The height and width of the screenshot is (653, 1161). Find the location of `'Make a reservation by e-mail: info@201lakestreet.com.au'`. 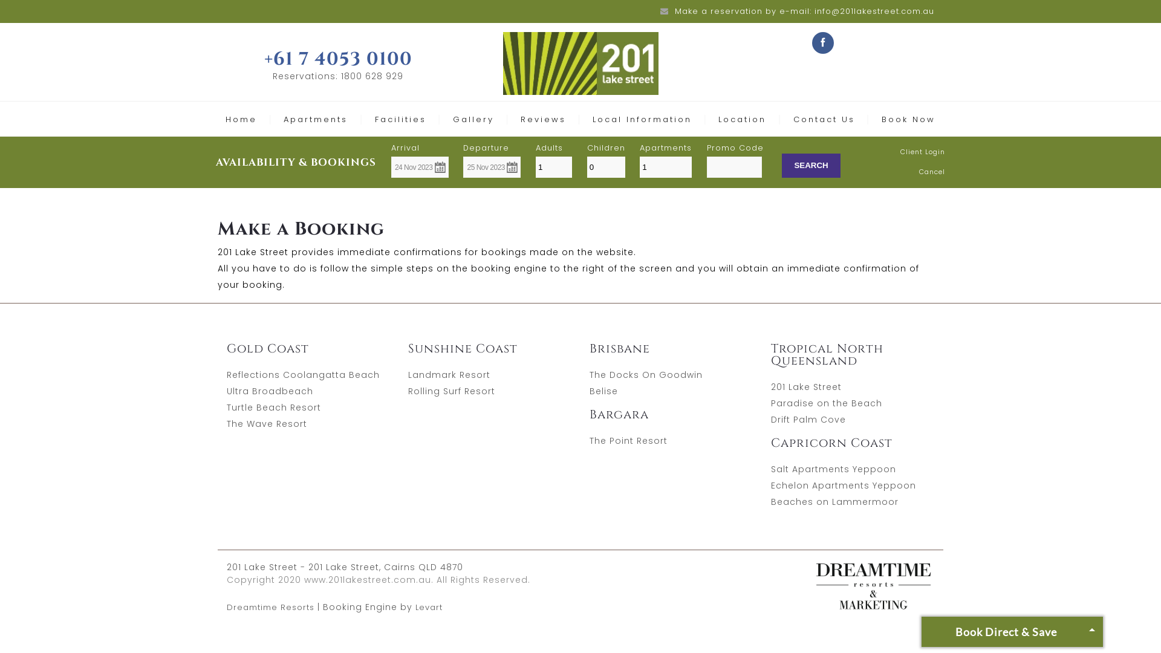

'Make a reservation by e-mail: info@201lakestreet.com.au' is located at coordinates (804, 11).